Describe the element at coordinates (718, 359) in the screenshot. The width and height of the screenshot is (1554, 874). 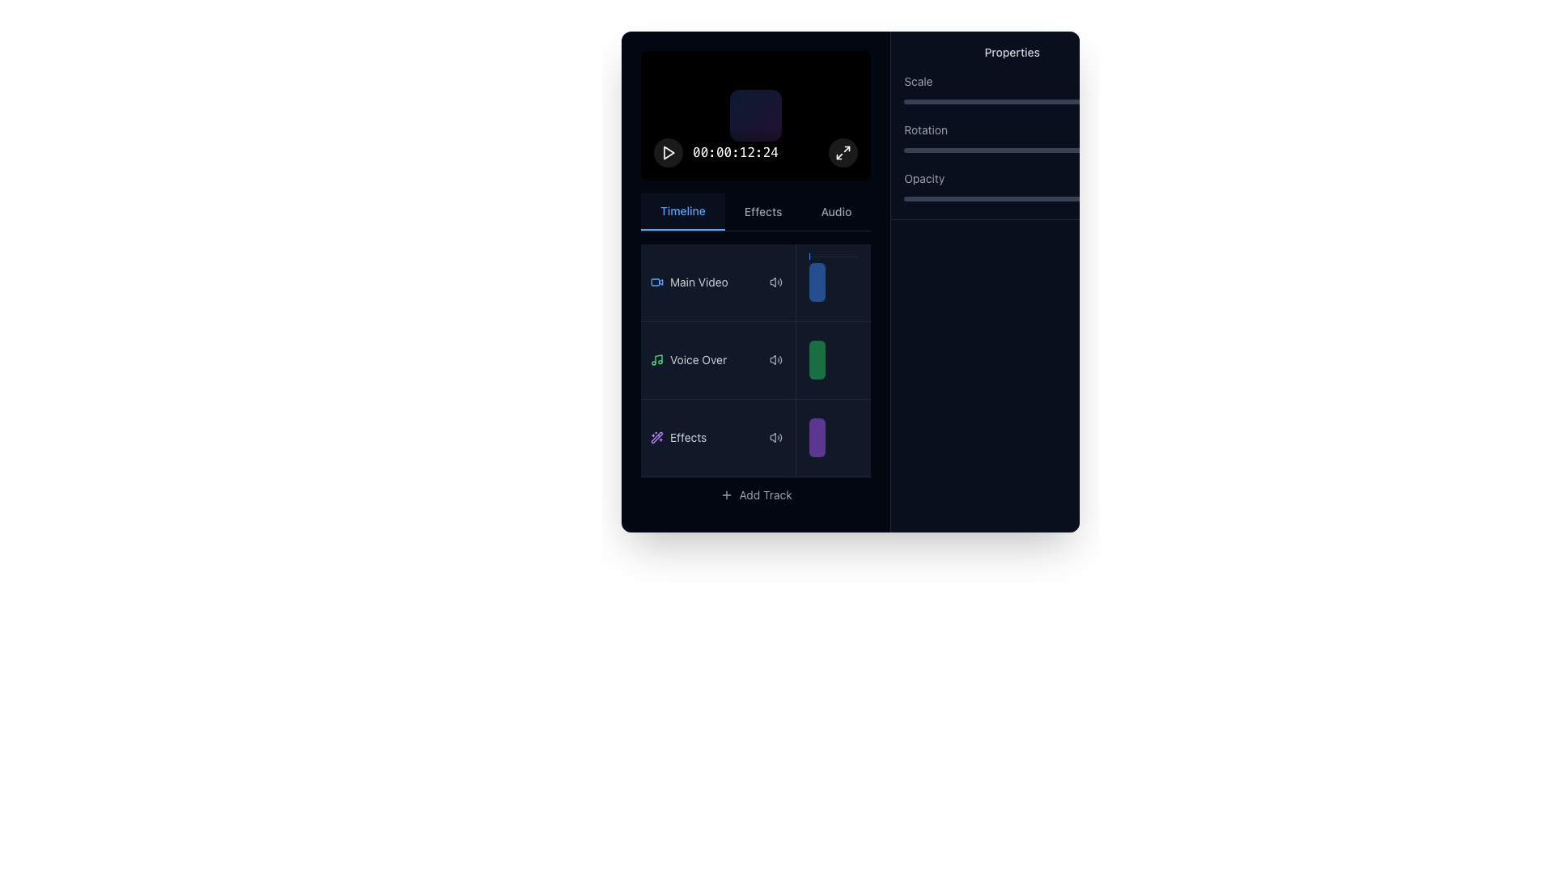
I see `the 'Voice Over' text label in the 'Timeline' section, which is the second row item between 'Main Video' and 'Effects'` at that location.